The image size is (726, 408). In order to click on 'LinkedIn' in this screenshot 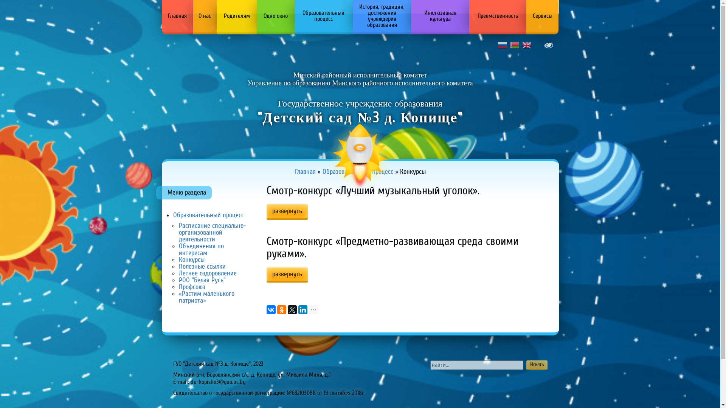, I will do `click(303, 310)`.